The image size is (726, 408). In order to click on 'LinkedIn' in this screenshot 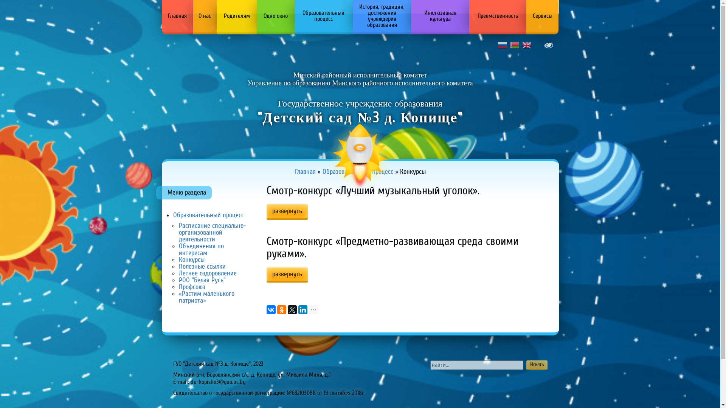, I will do `click(303, 310)`.